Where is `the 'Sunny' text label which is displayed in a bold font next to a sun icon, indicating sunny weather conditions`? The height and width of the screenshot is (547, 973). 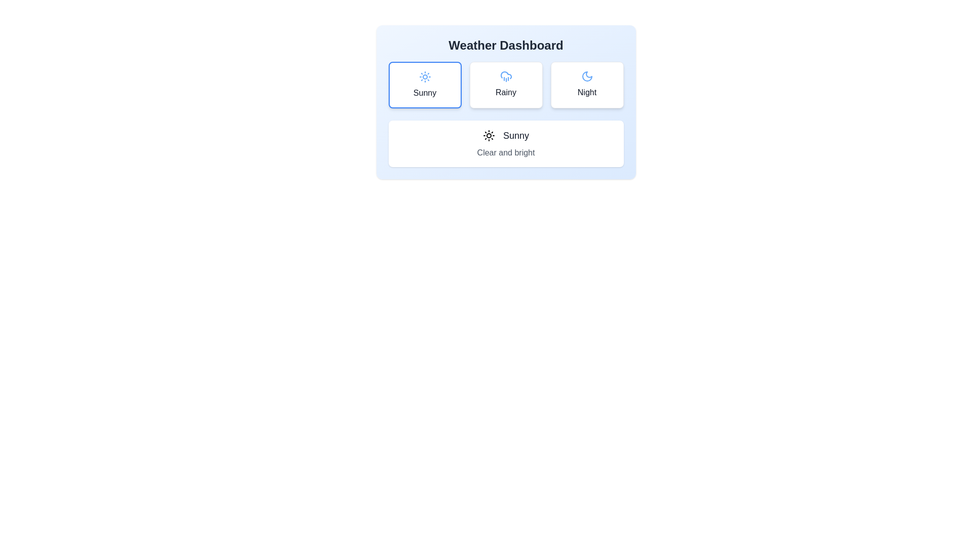
the 'Sunny' text label which is displayed in a bold font next to a sun icon, indicating sunny weather conditions is located at coordinates (516, 135).